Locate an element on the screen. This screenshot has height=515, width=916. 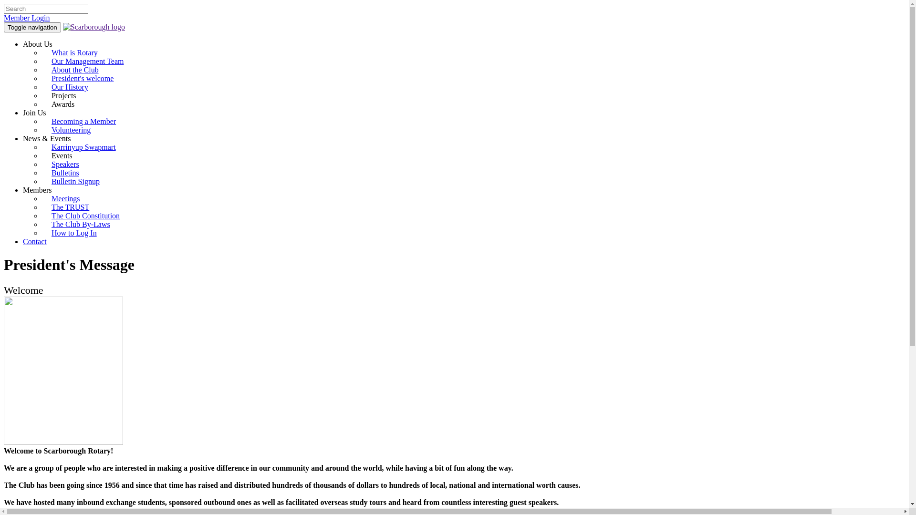
'The Club Constitution' is located at coordinates (85, 216).